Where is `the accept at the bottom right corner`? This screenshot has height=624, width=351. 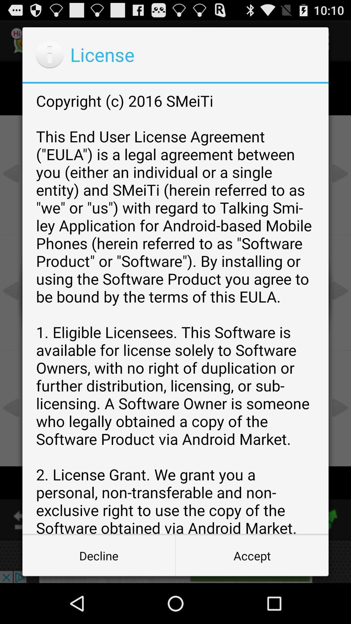 the accept at the bottom right corner is located at coordinates (252, 555).